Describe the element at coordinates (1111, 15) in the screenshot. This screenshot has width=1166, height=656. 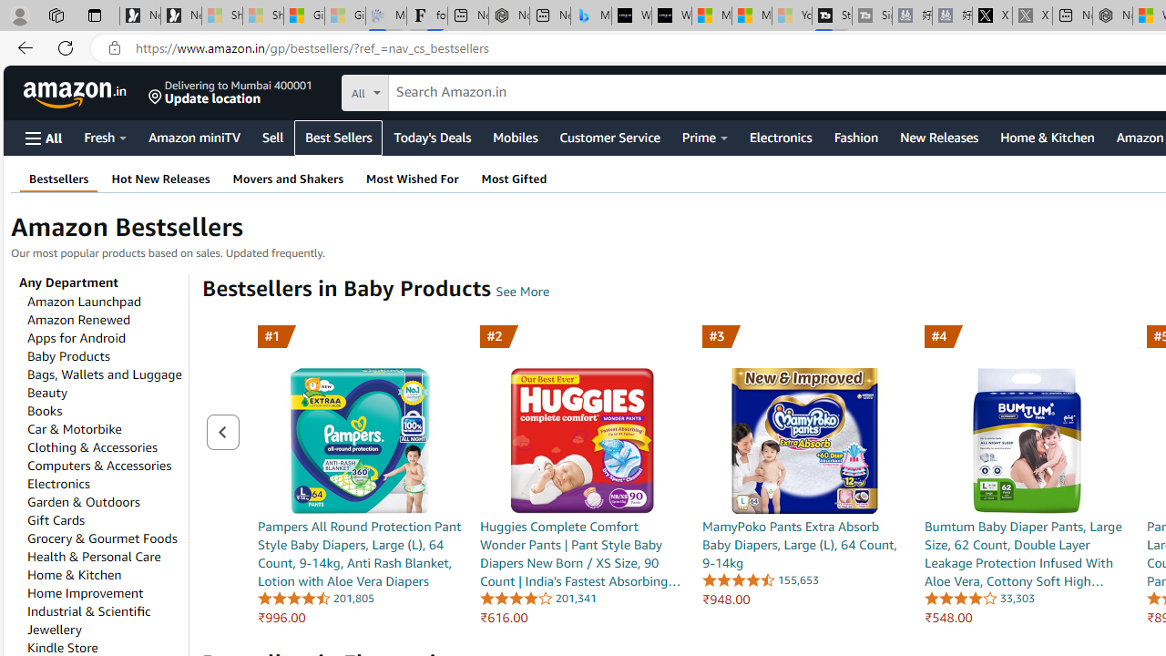
I see `'Nordace - My Account'` at that location.